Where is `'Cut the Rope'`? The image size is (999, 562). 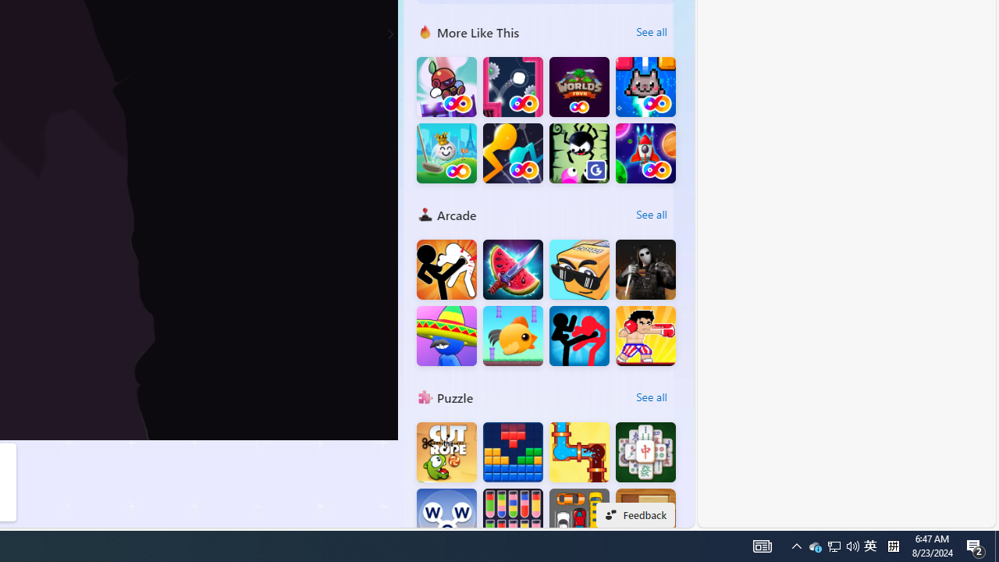 'Cut the Rope' is located at coordinates (446, 452).